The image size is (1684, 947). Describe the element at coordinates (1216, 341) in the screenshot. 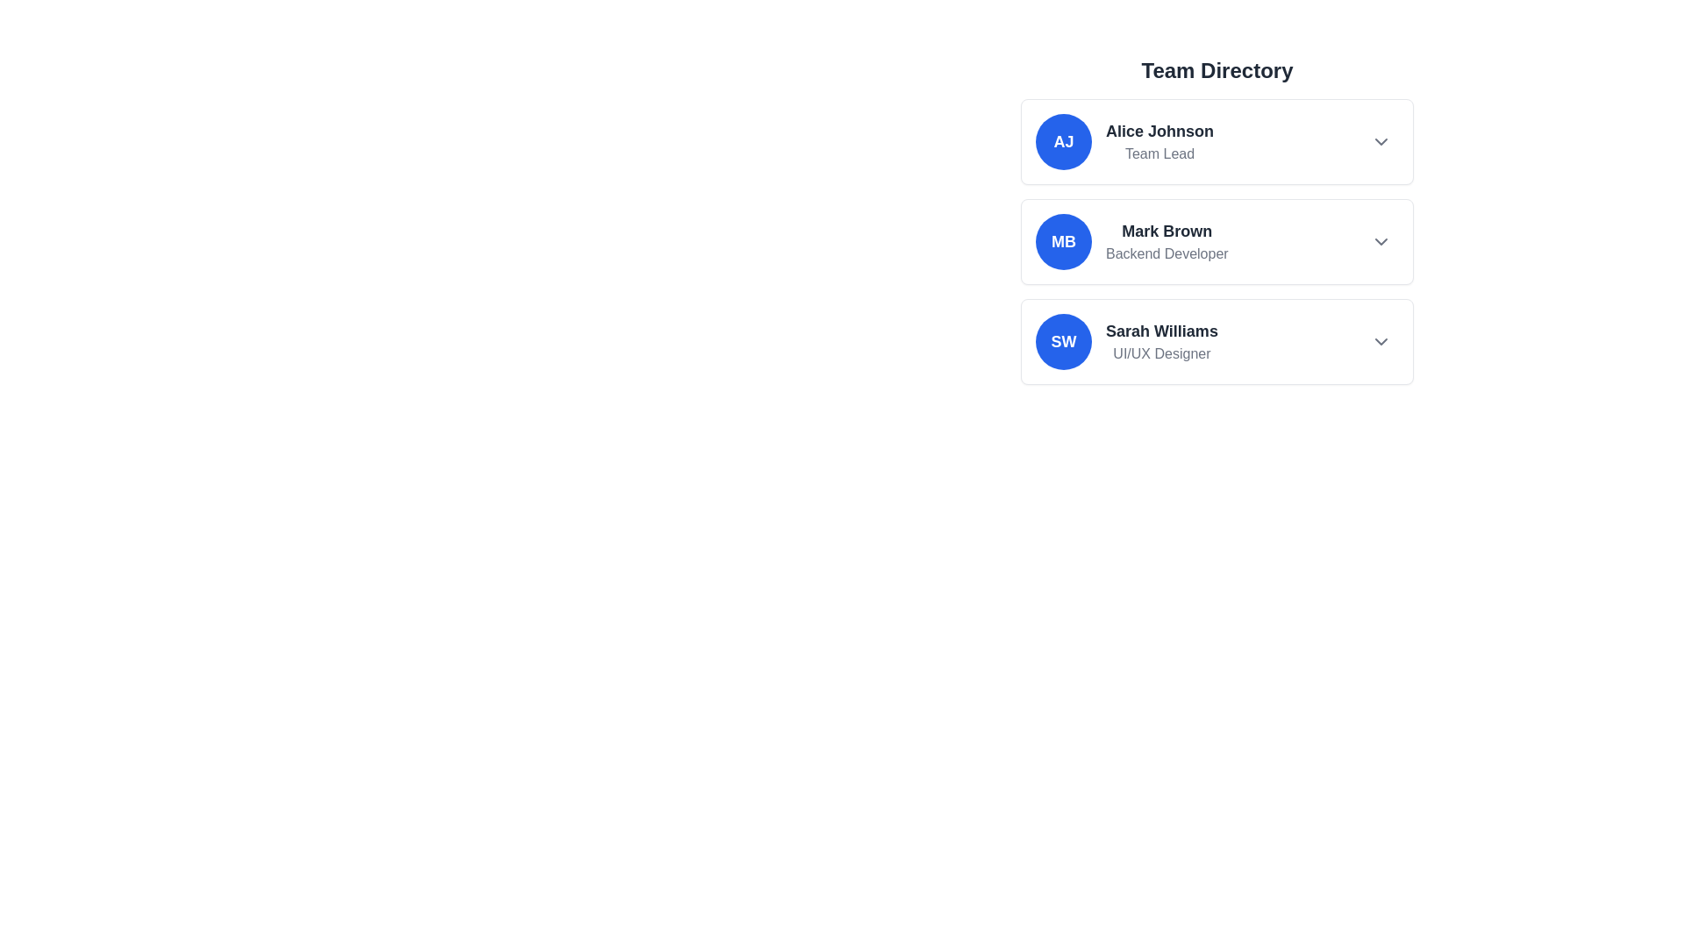

I see `the Interactive profile card summarizing information about a team member, located in the 'Team Directory' section, directly below 'Mark Brown'` at that location.